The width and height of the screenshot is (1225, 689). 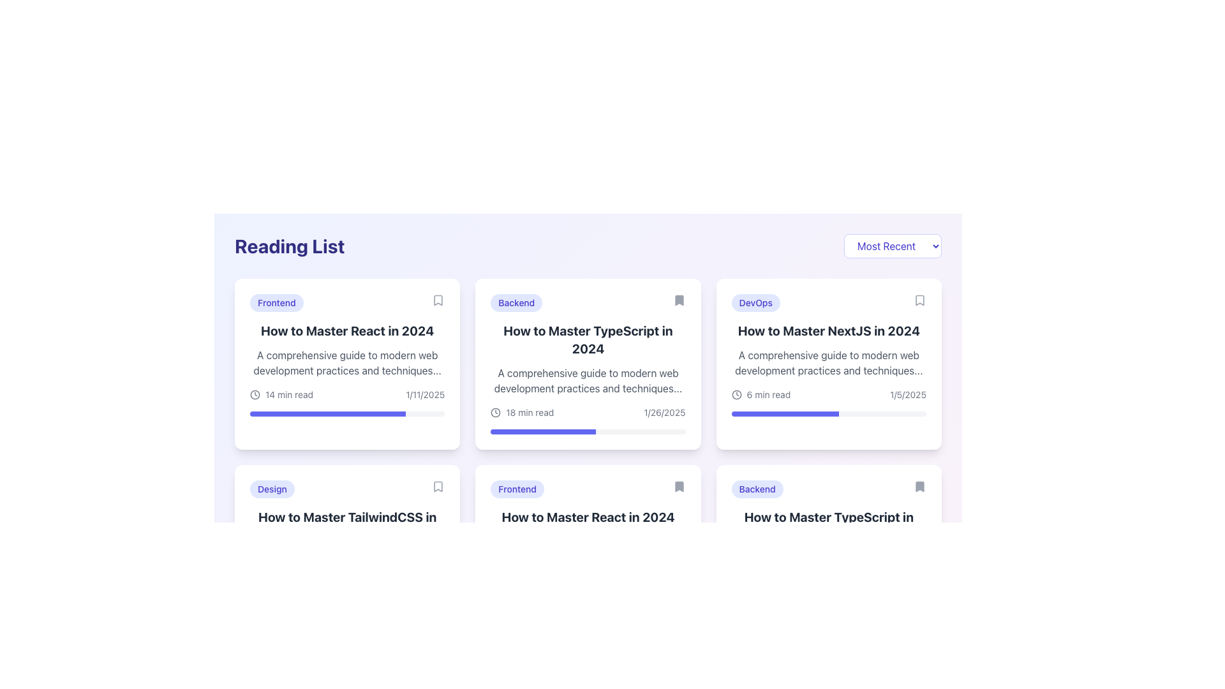 What do you see at coordinates (347, 550) in the screenshot?
I see `the fourth card titled 'How to Master TailwindCSS in 2024'` at bounding box center [347, 550].